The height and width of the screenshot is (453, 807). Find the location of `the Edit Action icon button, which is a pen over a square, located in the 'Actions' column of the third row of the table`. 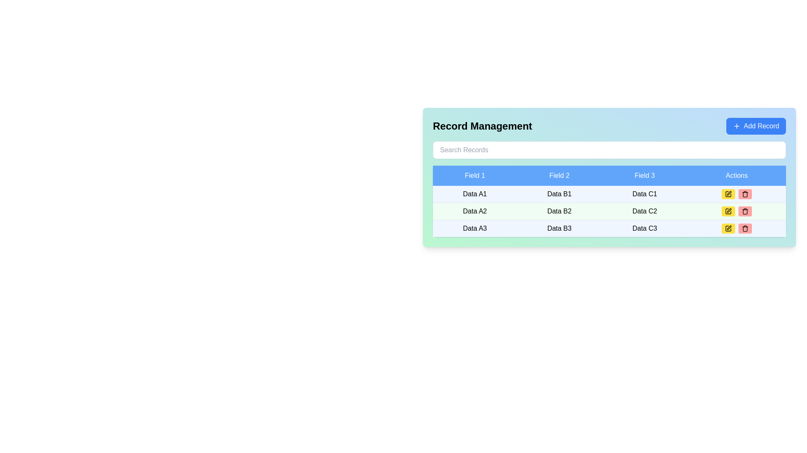

the Edit Action icon button, which is a pen over a square, located in the 'Actions' column of the third row of the table is located at coordinates (729, 193).